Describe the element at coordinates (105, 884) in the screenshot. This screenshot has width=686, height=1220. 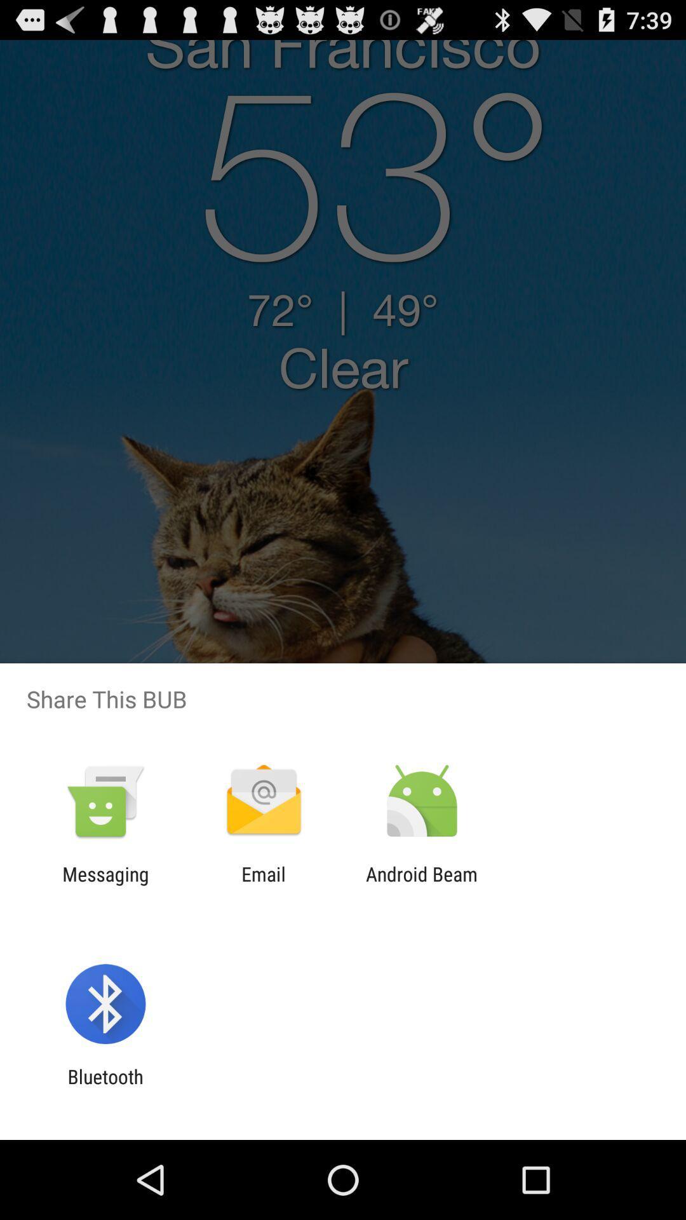
I see `messaging item` at that location.